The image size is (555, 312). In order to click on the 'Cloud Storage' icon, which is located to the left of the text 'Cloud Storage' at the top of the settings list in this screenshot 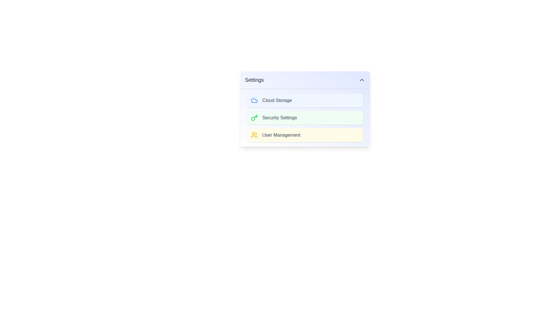, I will do `click(254, 100)`.